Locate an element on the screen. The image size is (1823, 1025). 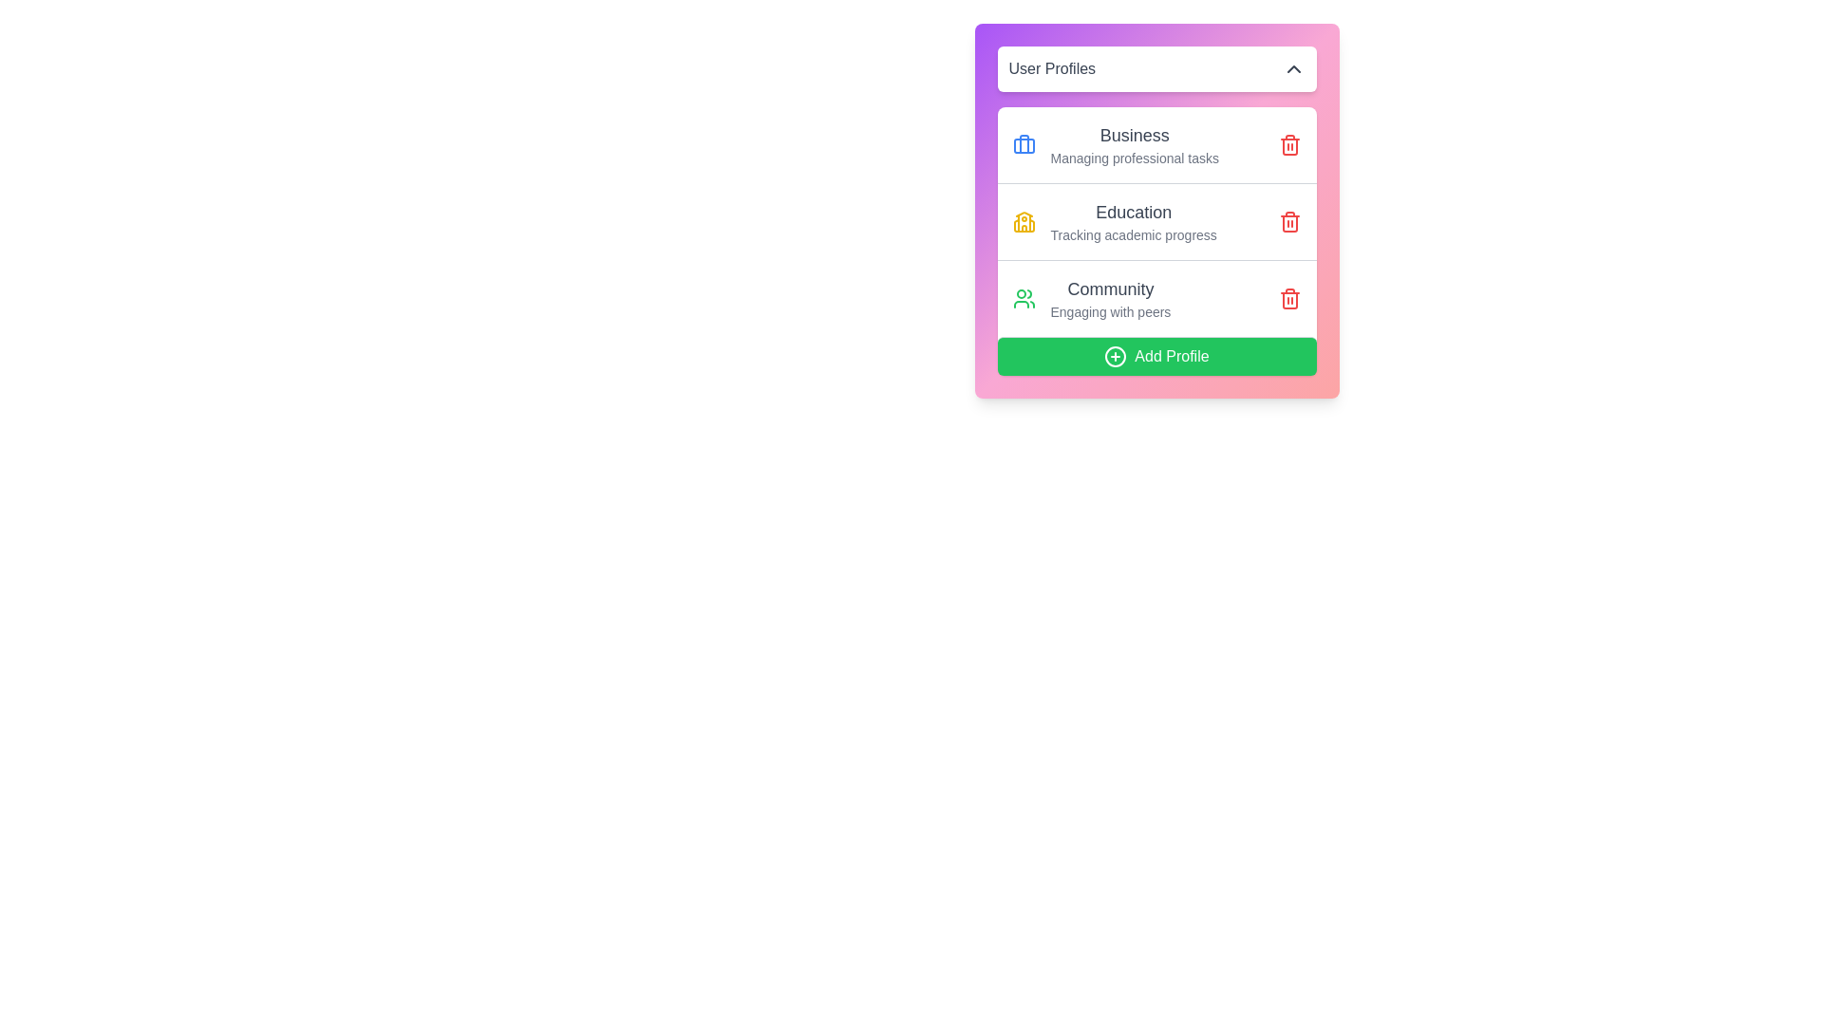
the 'Business' profile type icon, which is located to the left of the 'Business' text and above the description 'Managing professional tasks.' It is the first icon in the list on the modal is located at coordinates (1023, 144).